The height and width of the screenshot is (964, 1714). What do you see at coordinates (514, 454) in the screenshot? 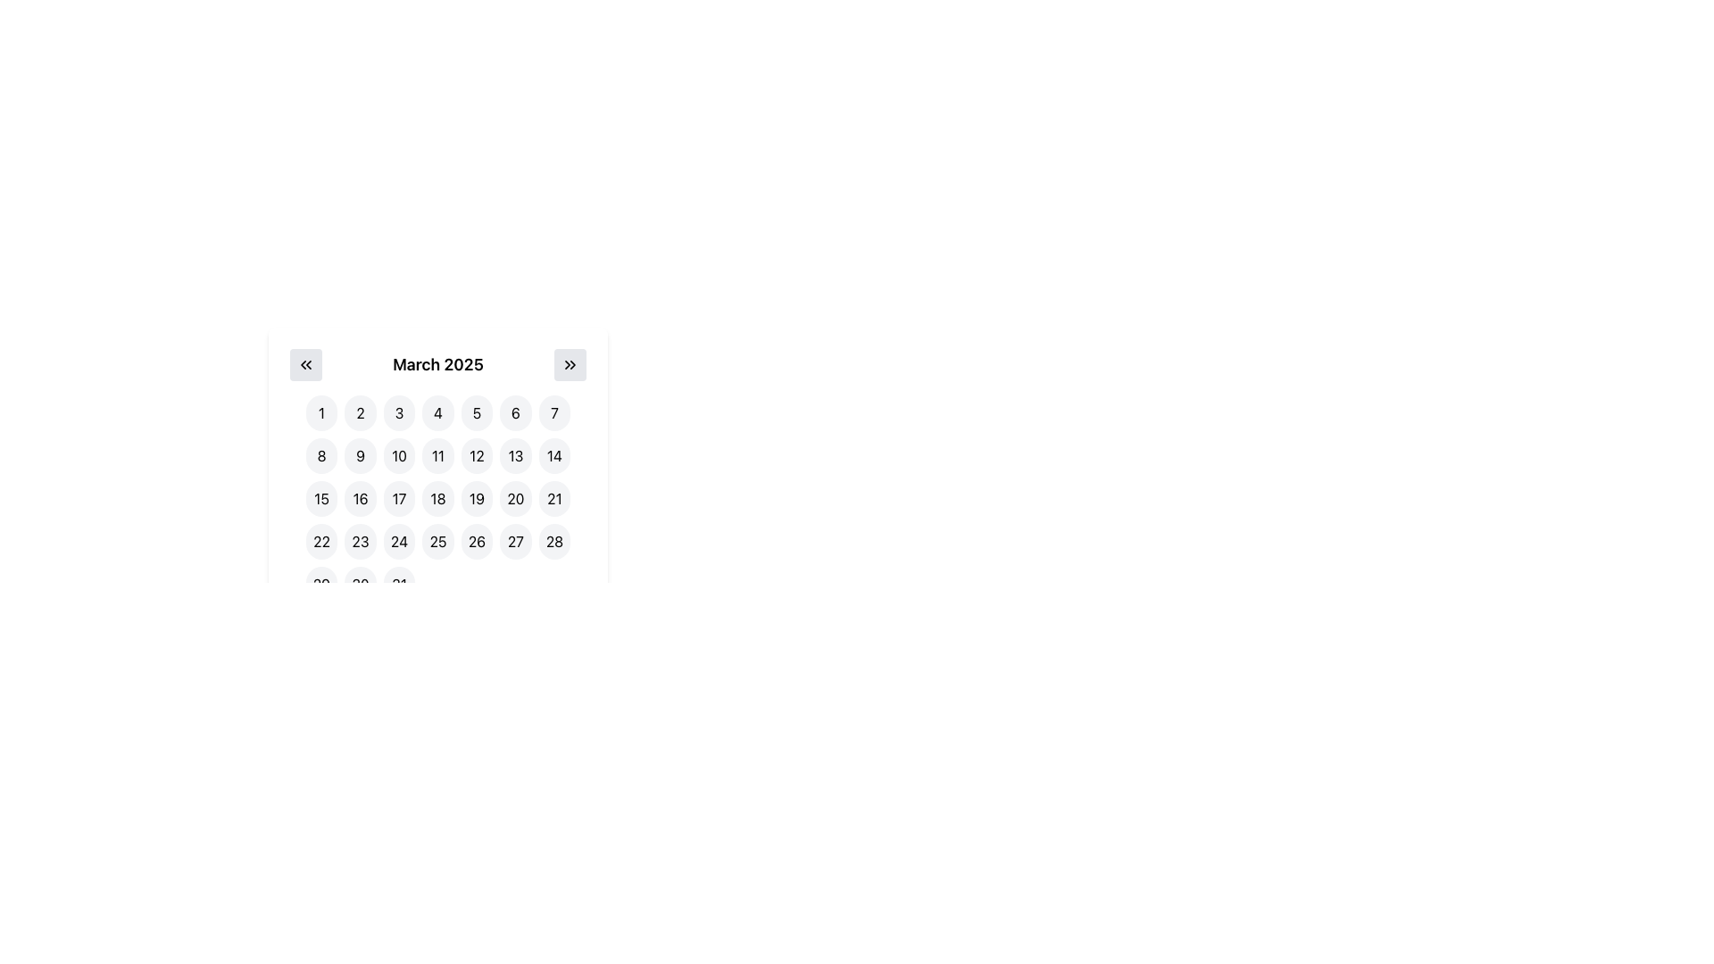
I see `the circular button displaying the number '13' in bold black text, located in the second row and sixth column of the calendar grid` at bounding box center [514, 454].